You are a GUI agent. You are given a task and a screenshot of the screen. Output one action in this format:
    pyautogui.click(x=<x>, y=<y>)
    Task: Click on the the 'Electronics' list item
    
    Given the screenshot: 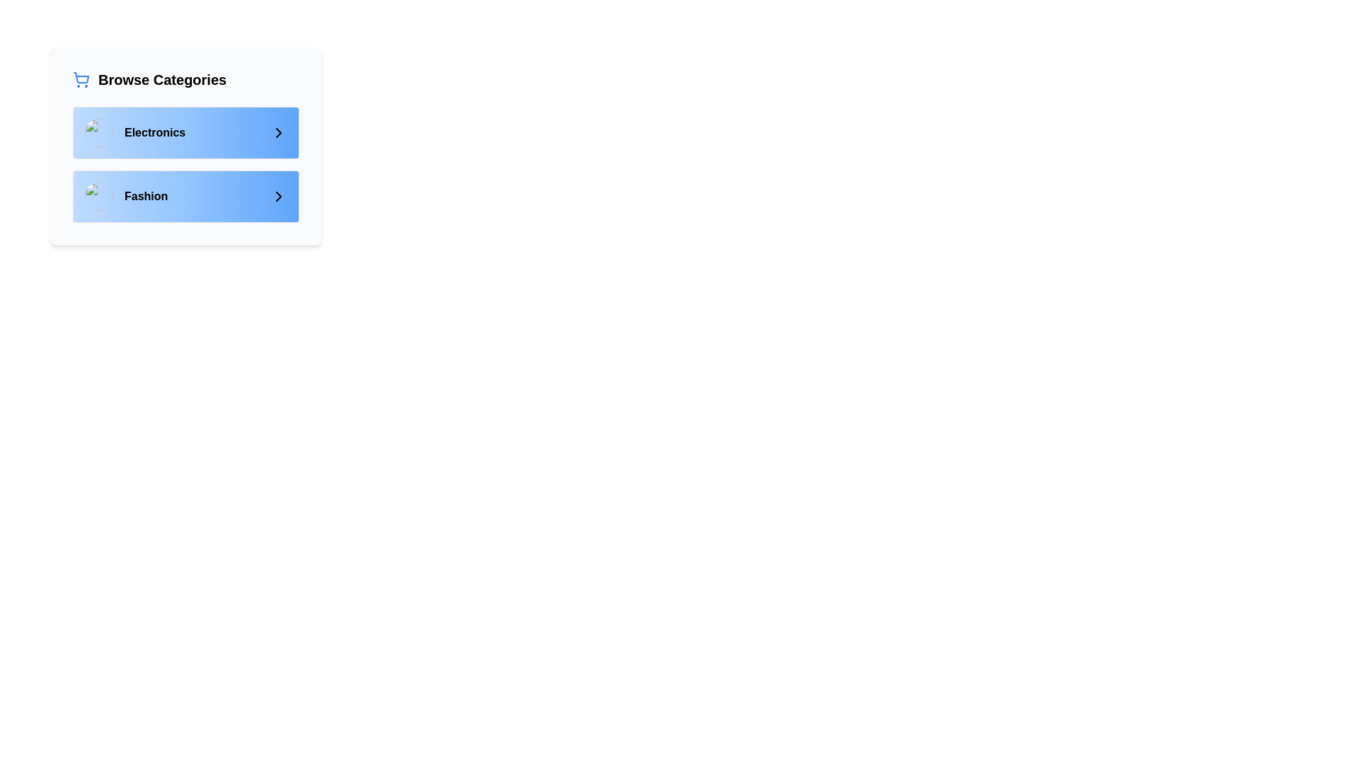 What is the action you would take?
    pyautogui.click(x=185, y=133)
    